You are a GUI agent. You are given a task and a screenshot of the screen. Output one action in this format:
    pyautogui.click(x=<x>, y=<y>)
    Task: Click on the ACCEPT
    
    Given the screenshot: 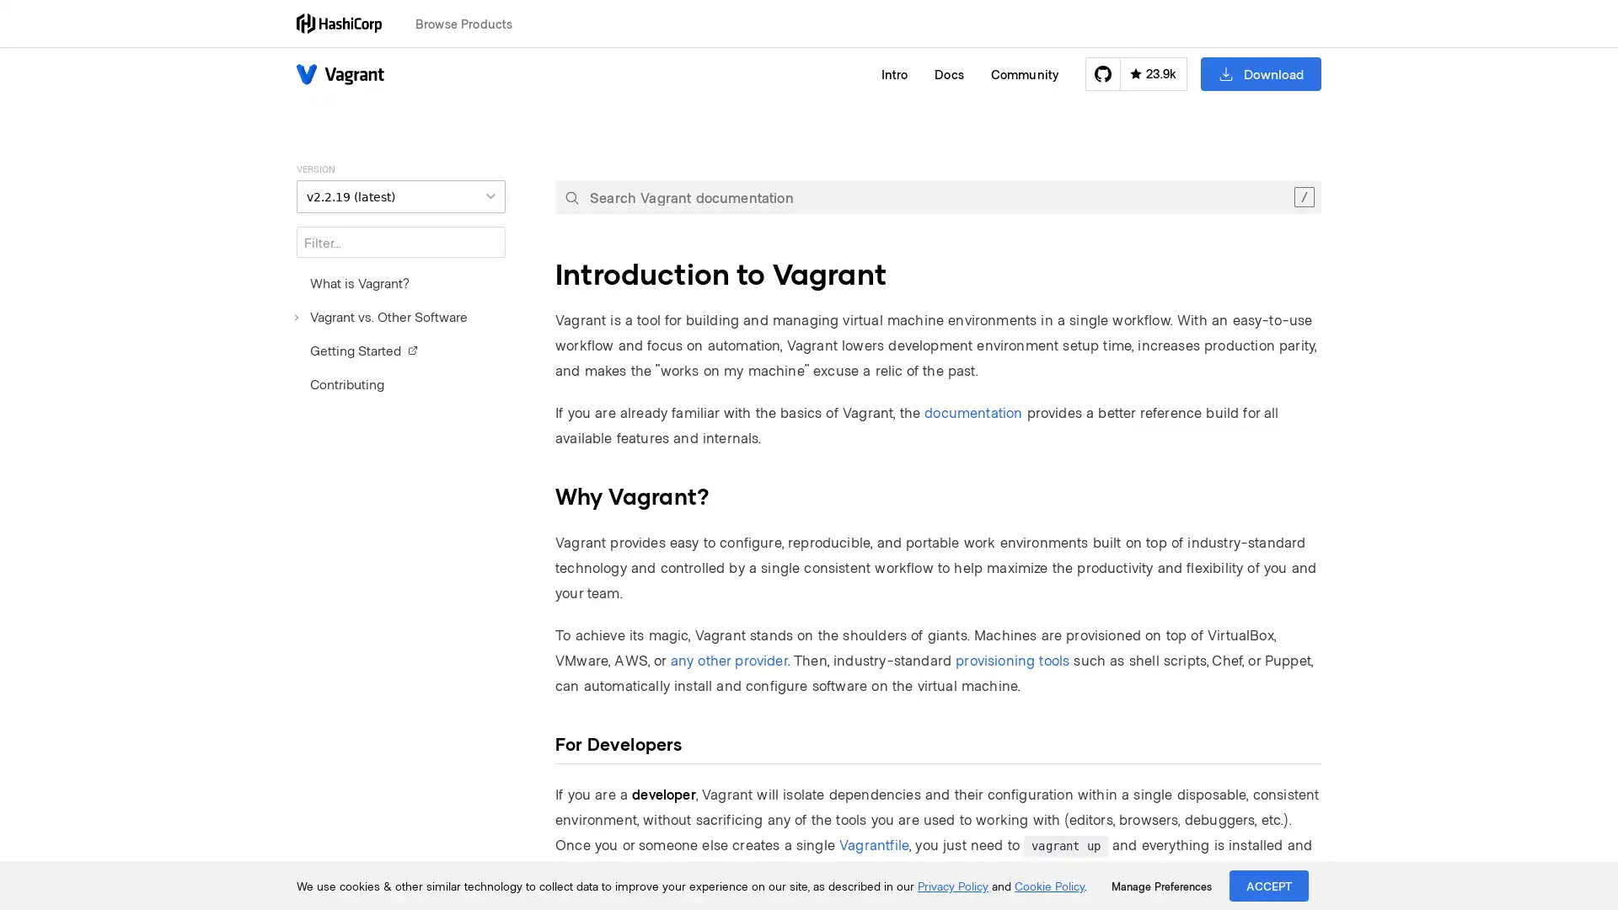 What is the action you would take?
    pyautogui.click(x=1269, y=885)
    